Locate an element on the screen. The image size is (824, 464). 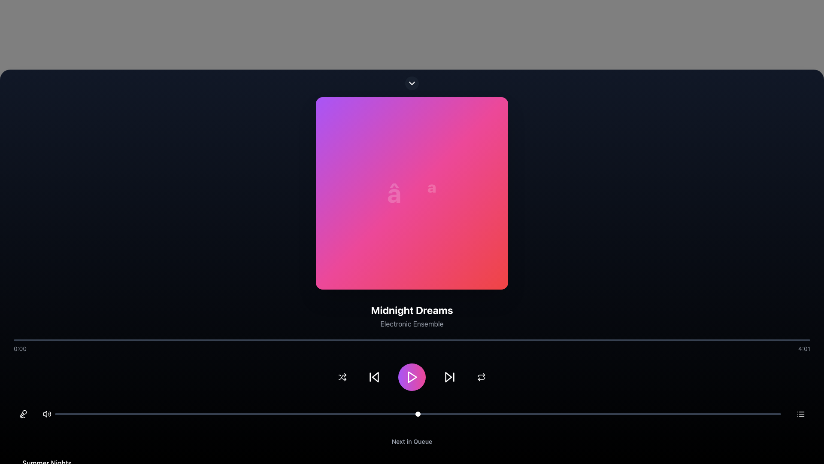
the slider value is located at coordinates (142, 414).